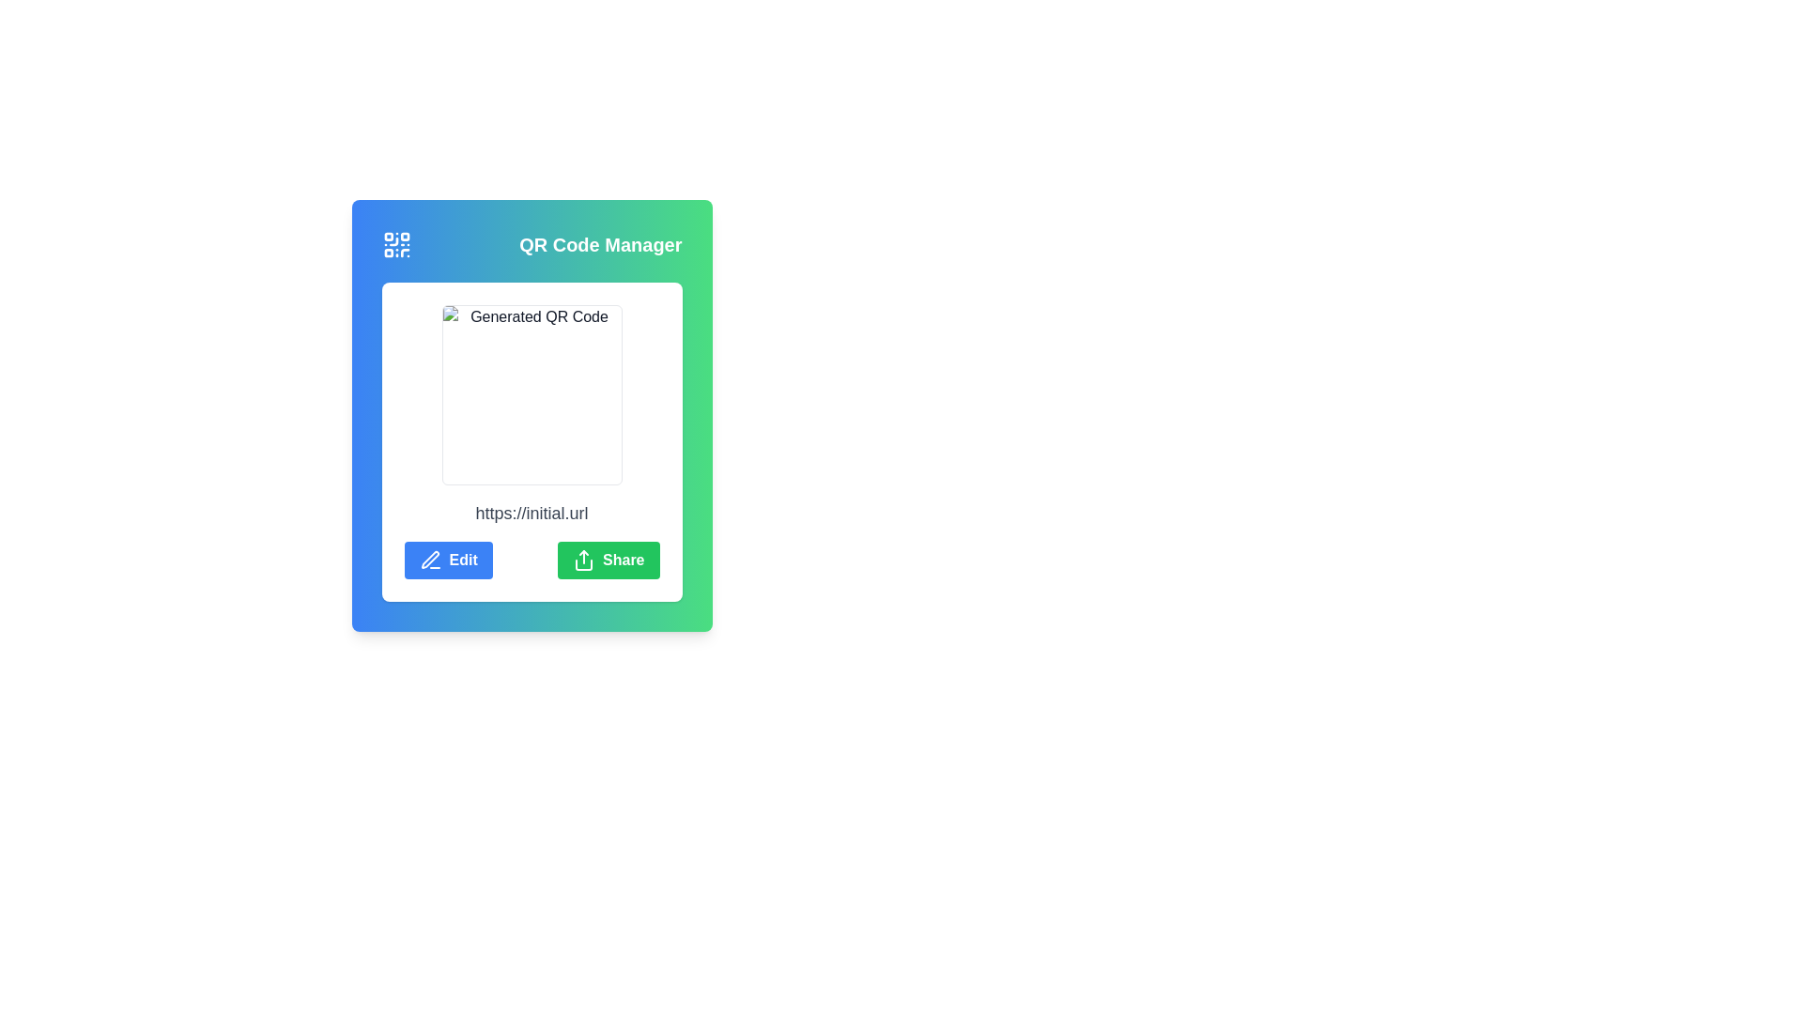  Describe the element at coordinates (583, 560) in the screenshot. I see `the 'Share' SVG icon located to the left of the 'Share' text label in the green button at the bottom-right corner of the main centered card interface` at that location.